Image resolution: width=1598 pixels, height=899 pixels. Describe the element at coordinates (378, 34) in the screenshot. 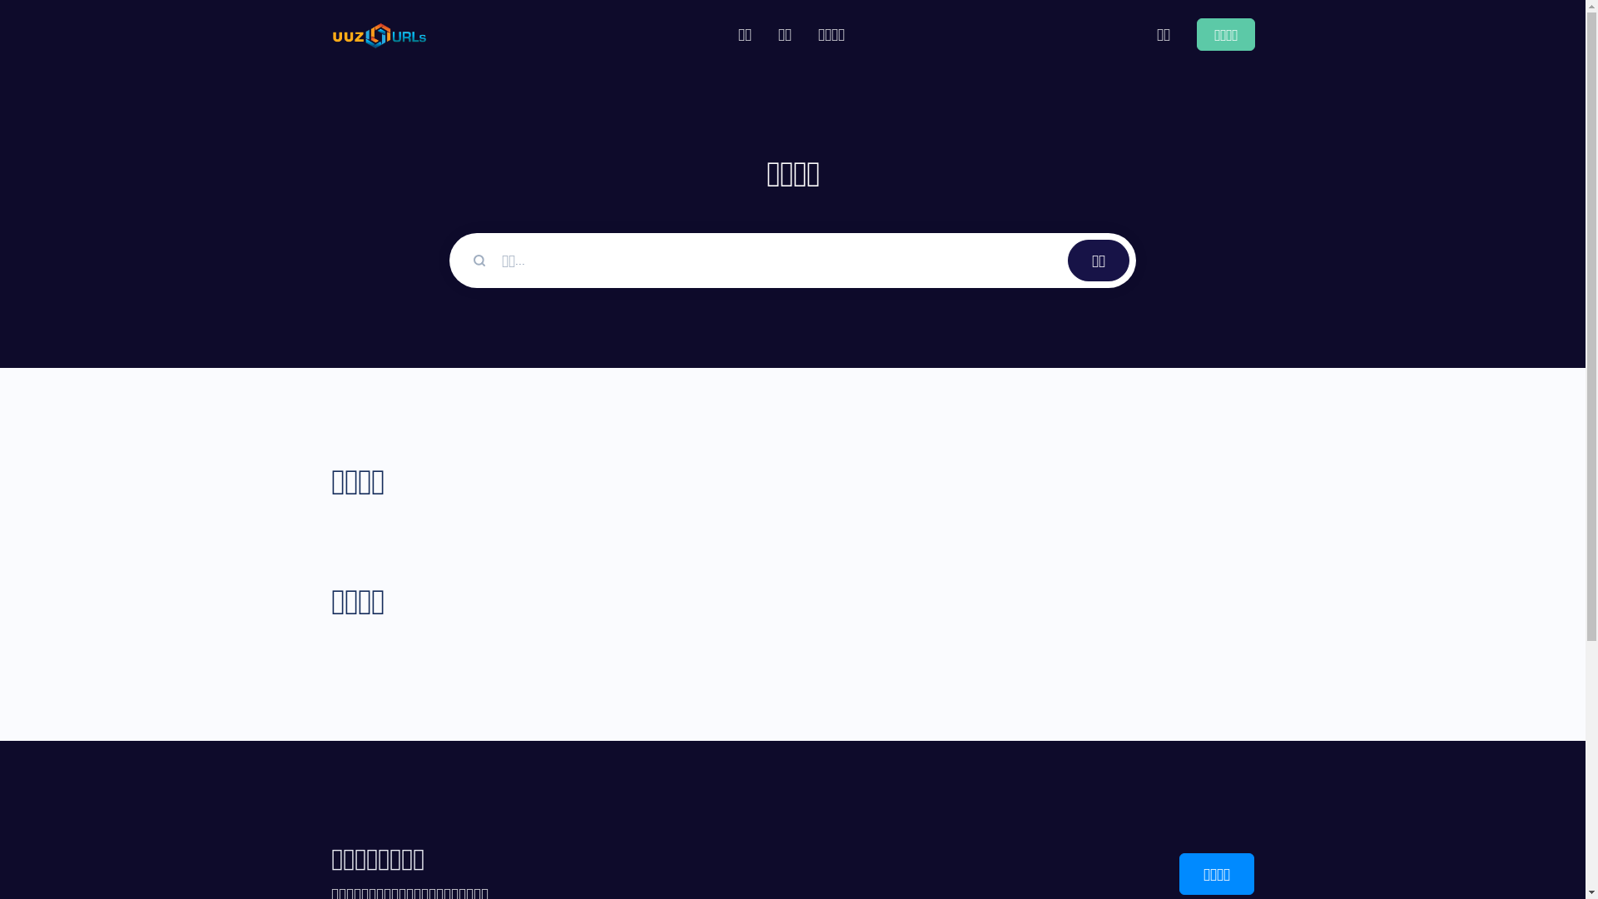

I see `'UUZ.CC - URL Shortener & Bio Pages & QR Codes'` at that location.